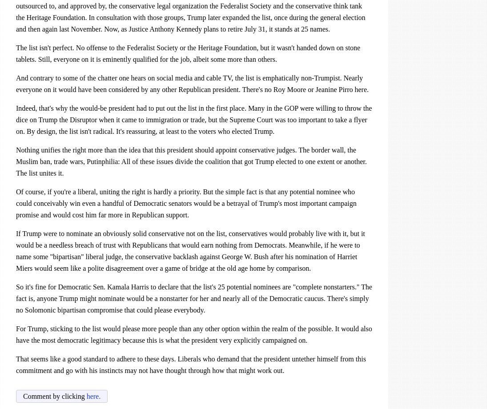 The image size is (487, 409). What do you see at coordinates (269, 245) in the screenshot?
I see `'Democrats'` at bounding box center [269, 245].